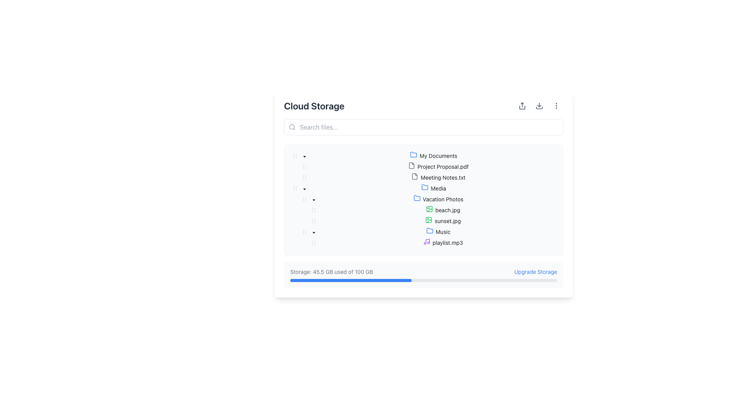  I want to click on to select the file item named 'sunset.jpg' in the file tree structure under 'Vacation Photos', so click(443, 221).